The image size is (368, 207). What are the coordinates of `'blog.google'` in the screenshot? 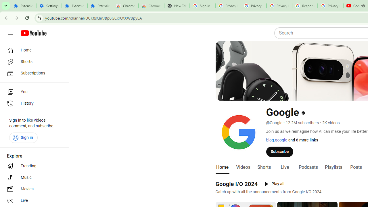 It's located at (276, 140).